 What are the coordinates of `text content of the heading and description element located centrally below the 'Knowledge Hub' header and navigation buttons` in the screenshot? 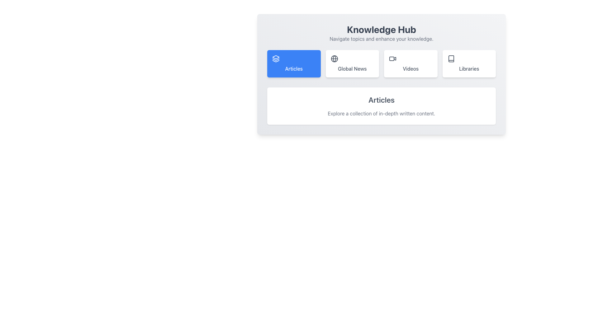 It's located at (381, 105).